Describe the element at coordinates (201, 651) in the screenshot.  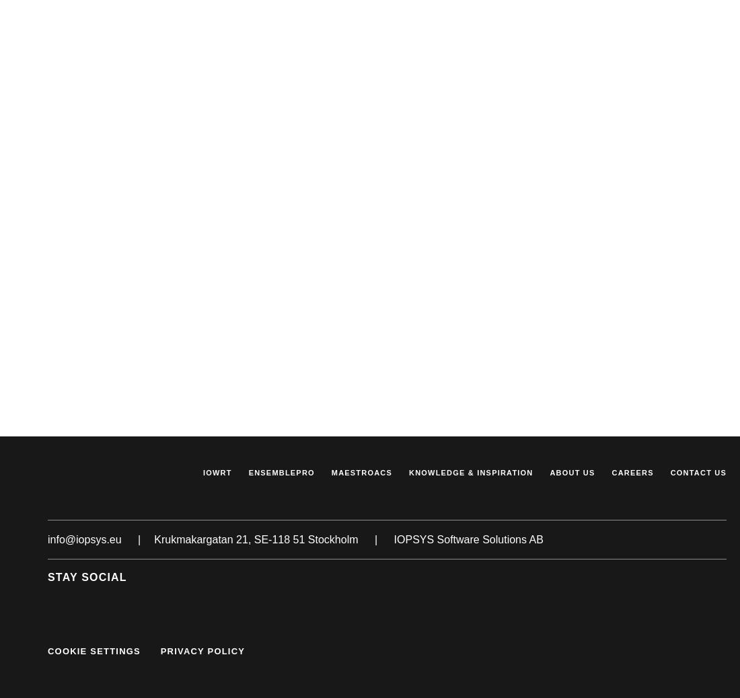
I see `'PRIVACY POLICY'` at that location.